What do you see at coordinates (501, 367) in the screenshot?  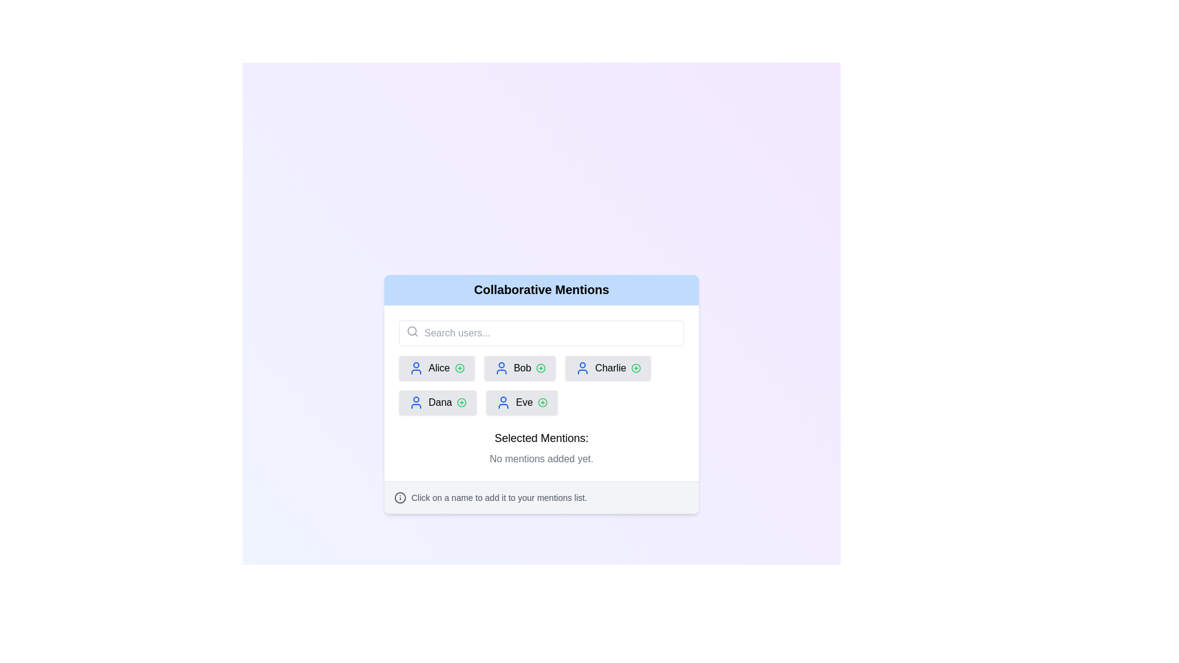 I see `the user identity icon for Bob, located as the leftmost item in the 'Bob' button row of the user selection grid` at bounding box center [501, 367].